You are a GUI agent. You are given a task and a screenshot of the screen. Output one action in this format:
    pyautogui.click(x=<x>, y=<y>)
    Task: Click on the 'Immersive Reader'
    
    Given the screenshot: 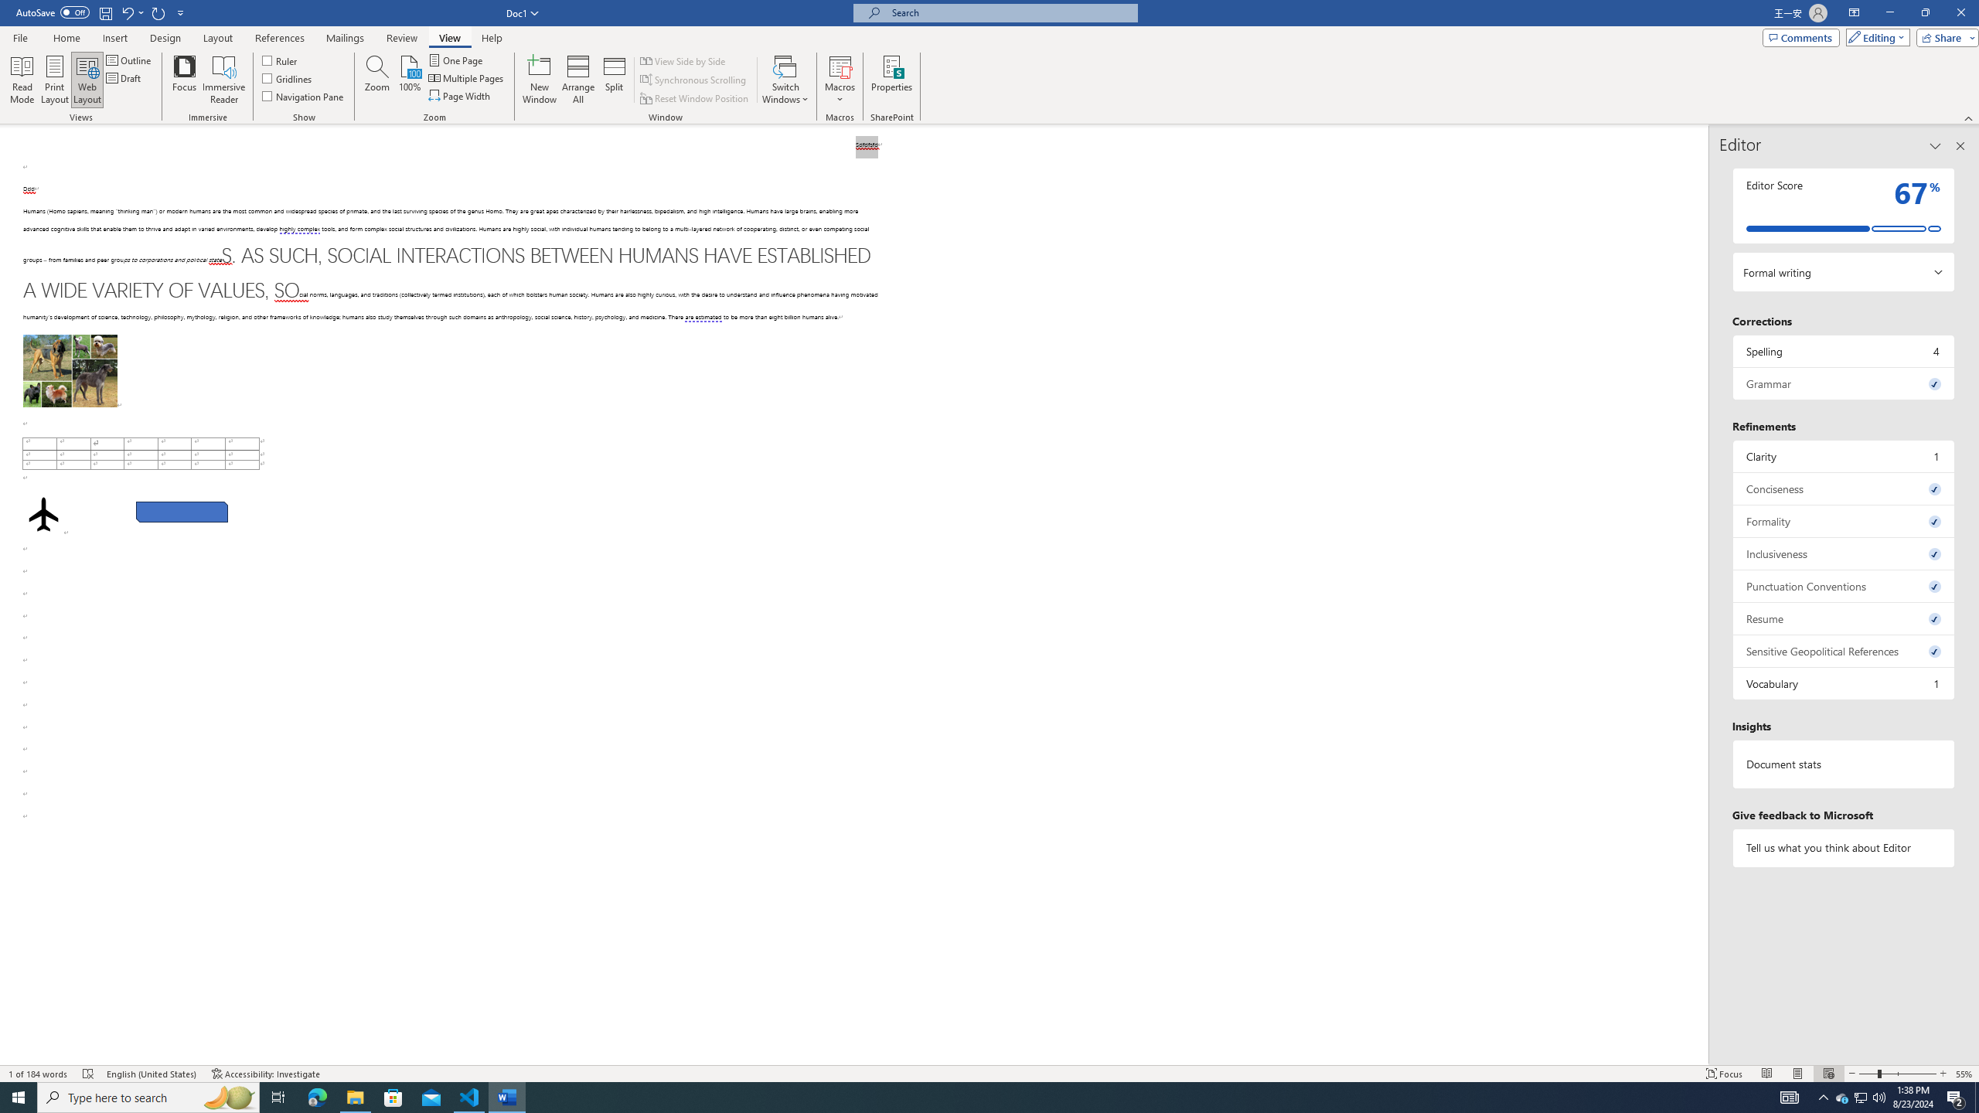 What is the action you would take?
    pyautogui.click(x=223, y=80)
    